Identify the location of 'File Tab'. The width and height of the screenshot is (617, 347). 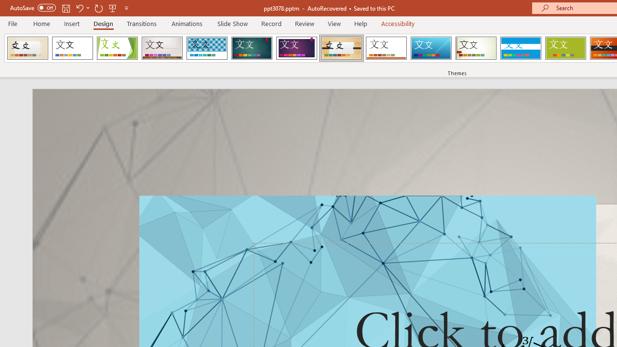
(13, 23).